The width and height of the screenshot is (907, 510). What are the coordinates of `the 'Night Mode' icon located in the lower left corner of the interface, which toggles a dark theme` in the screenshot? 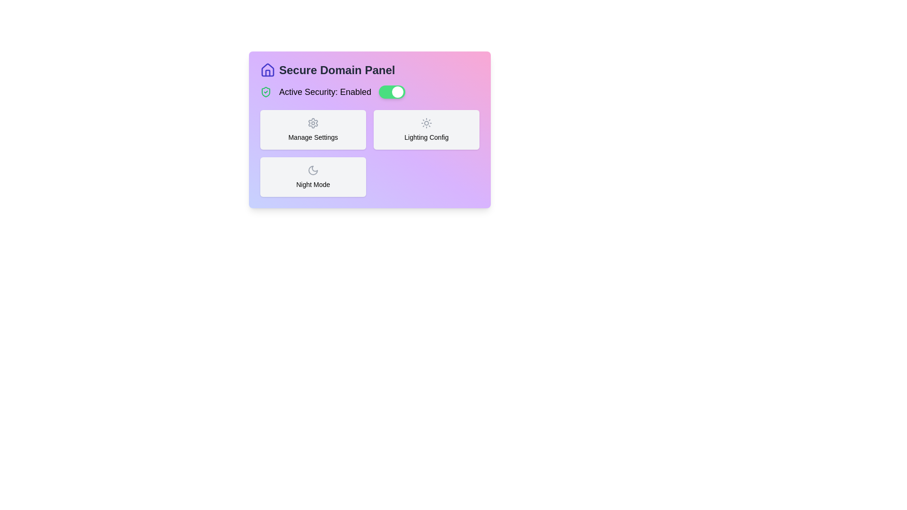 It's located at (313, 170).